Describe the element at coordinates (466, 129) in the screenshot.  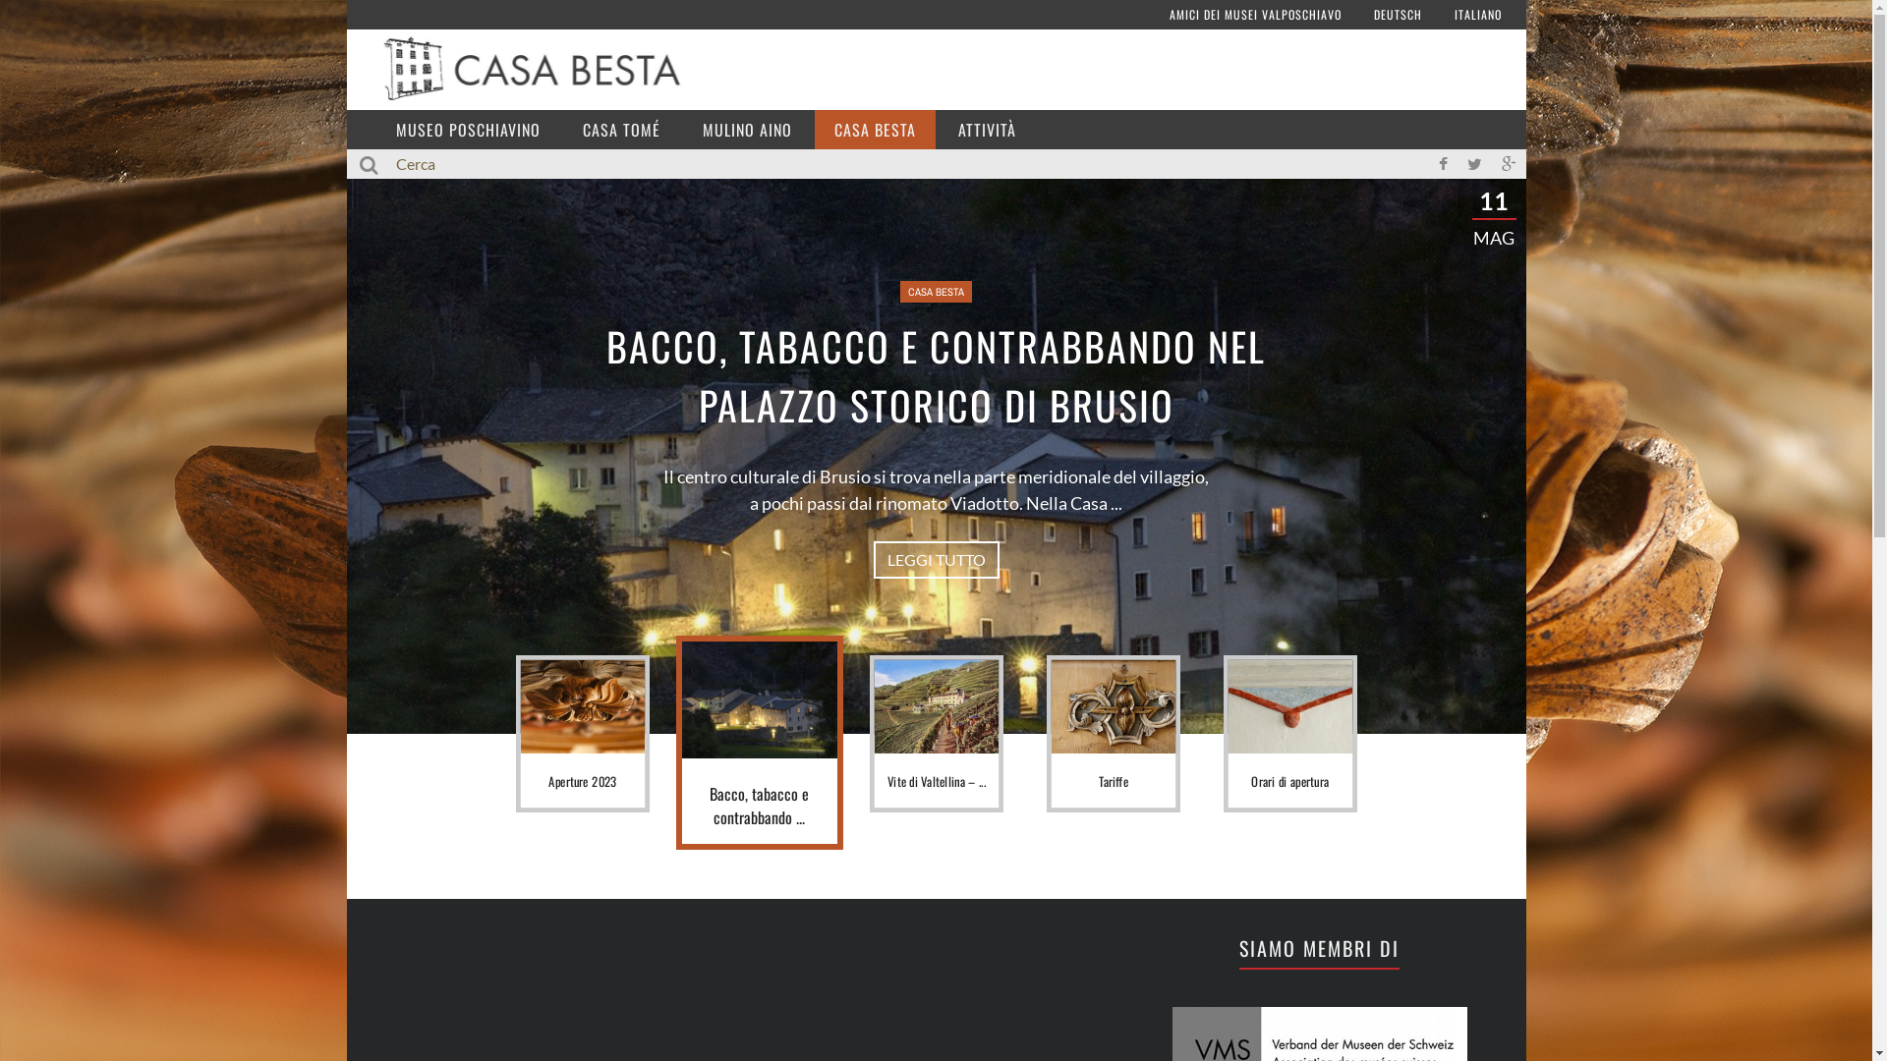
I see `'MUSEO POSCHIAVINO'` at that location.